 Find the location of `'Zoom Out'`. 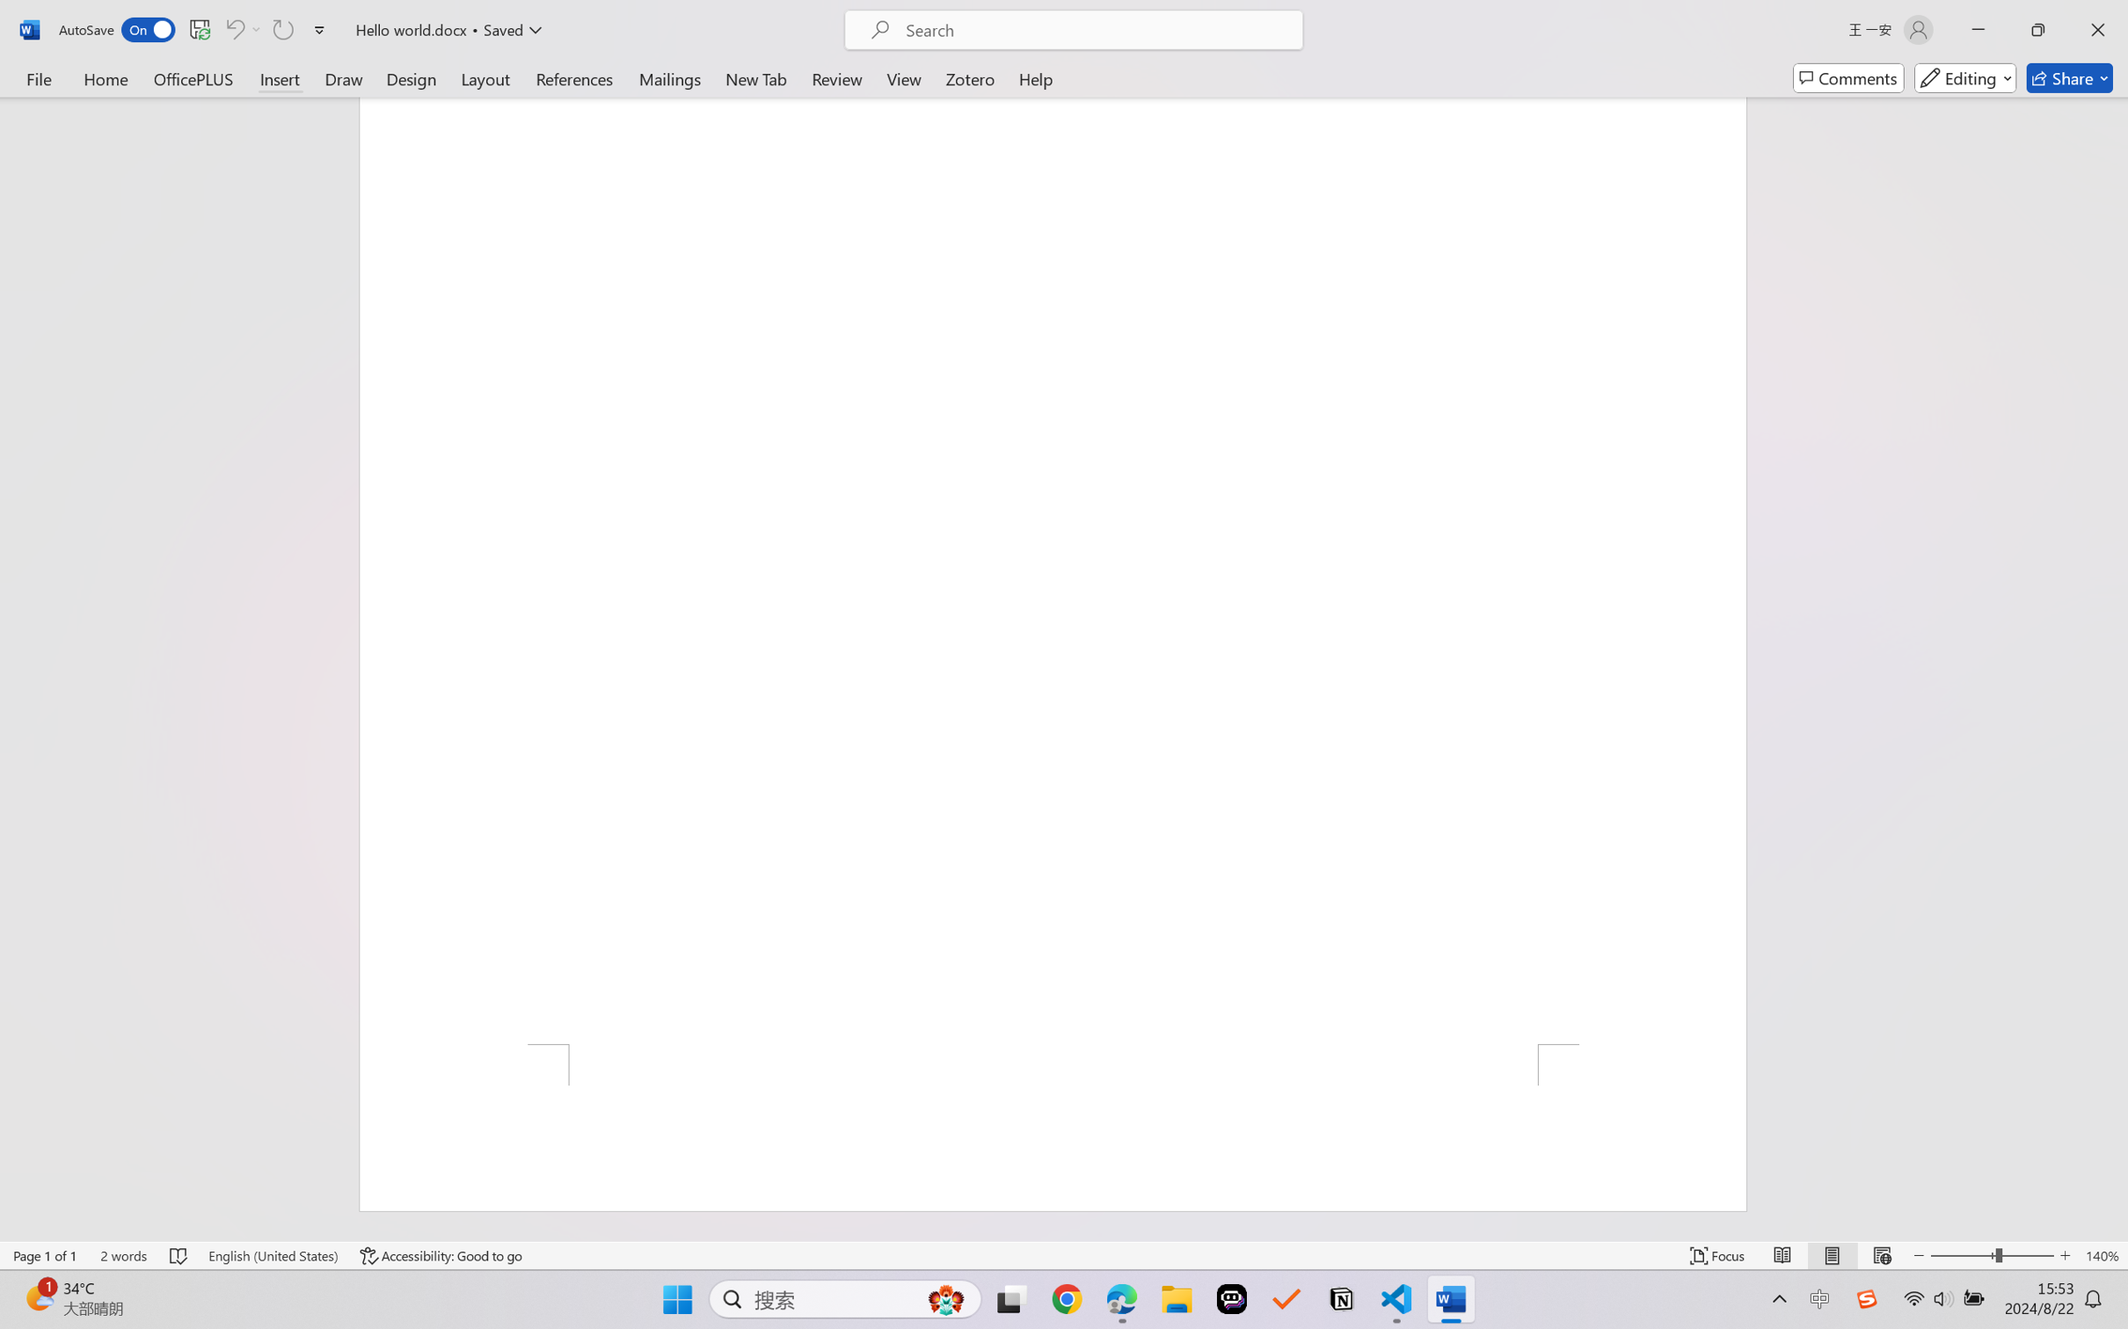

'Zoom Out' is located at coordinates (1962, 1255).